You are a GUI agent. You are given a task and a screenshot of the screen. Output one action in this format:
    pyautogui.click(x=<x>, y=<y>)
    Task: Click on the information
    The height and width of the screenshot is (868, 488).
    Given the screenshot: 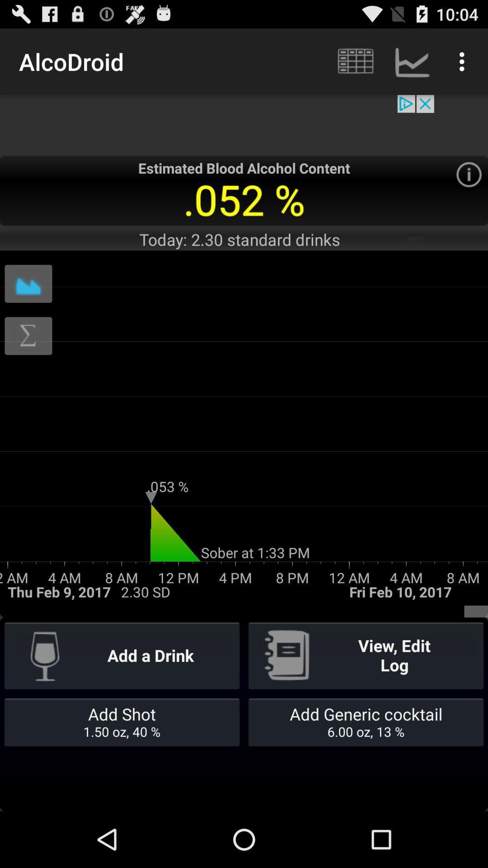 What is the action you would take?
    pyautogui.click(x=468, y=175)
    